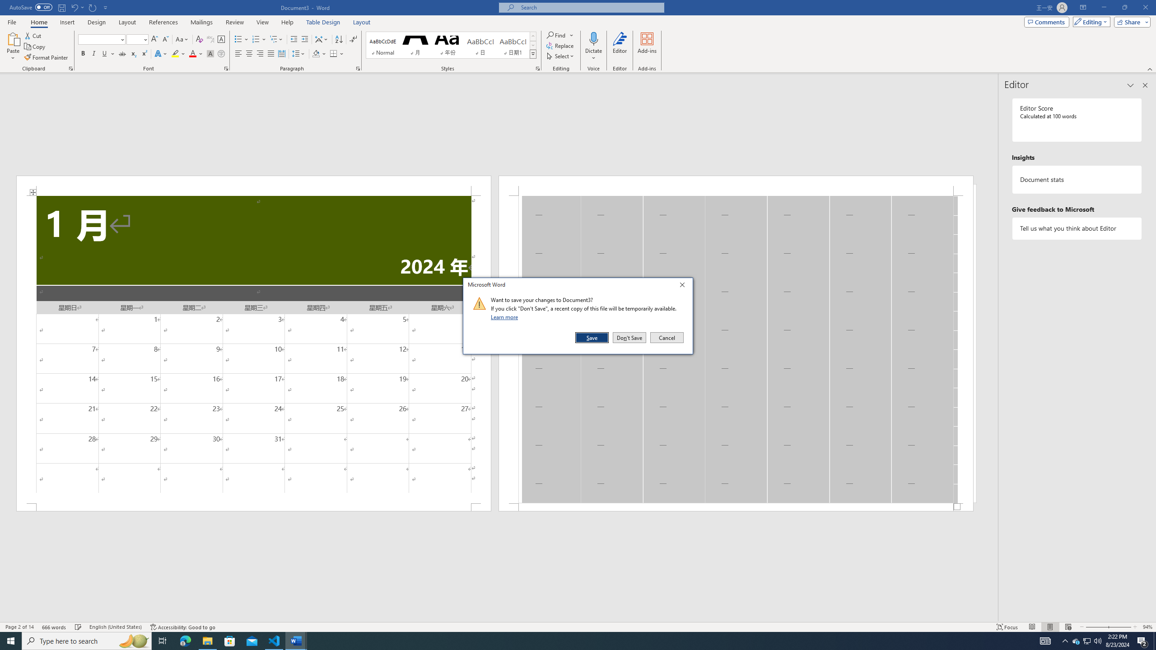  I want to click on 'Subscript', so click(133, 53).